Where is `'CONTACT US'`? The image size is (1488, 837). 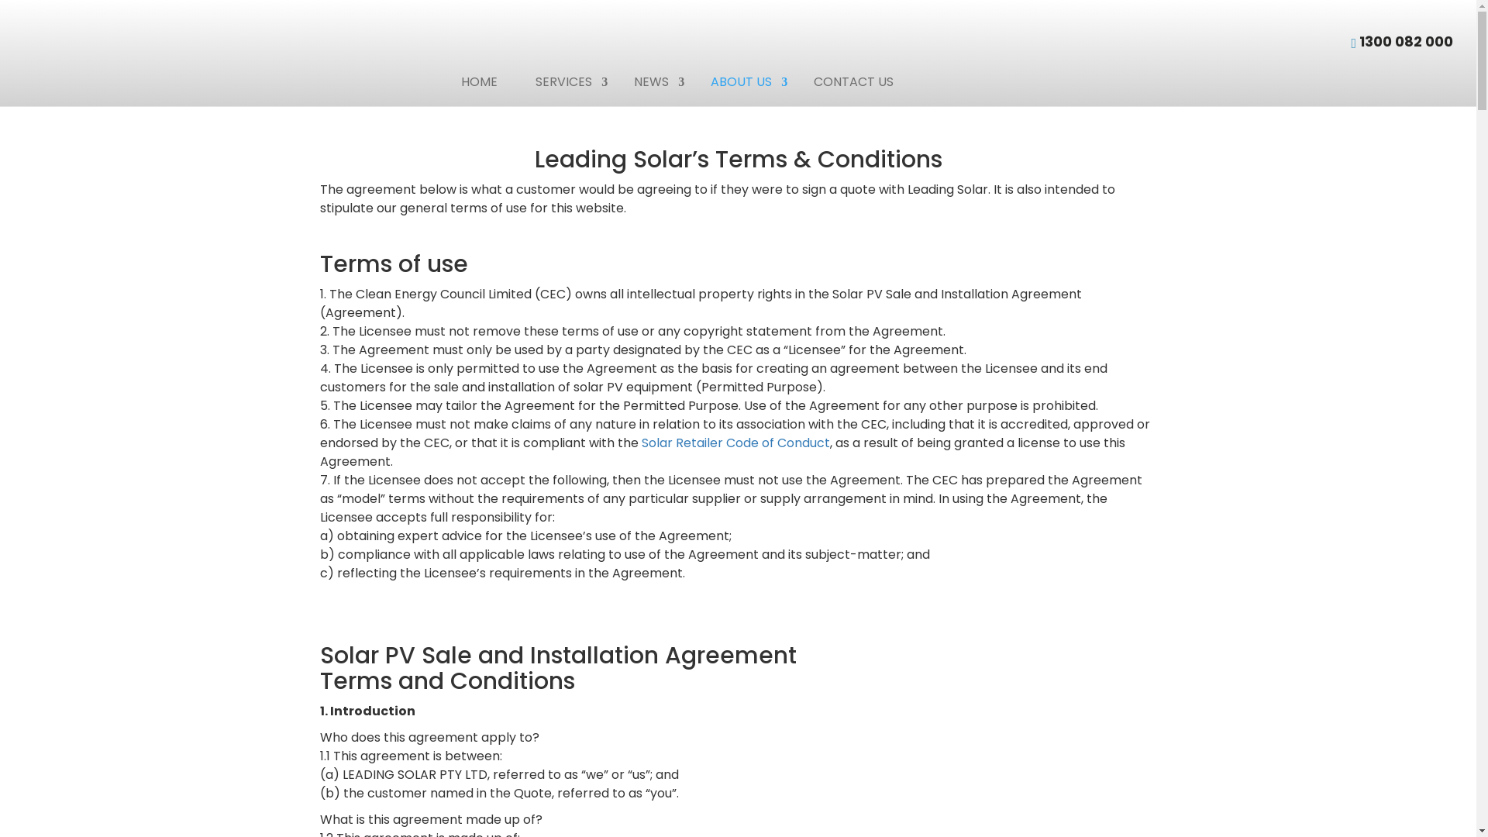 'CONTACT US' is located at coordinates (852, 81).